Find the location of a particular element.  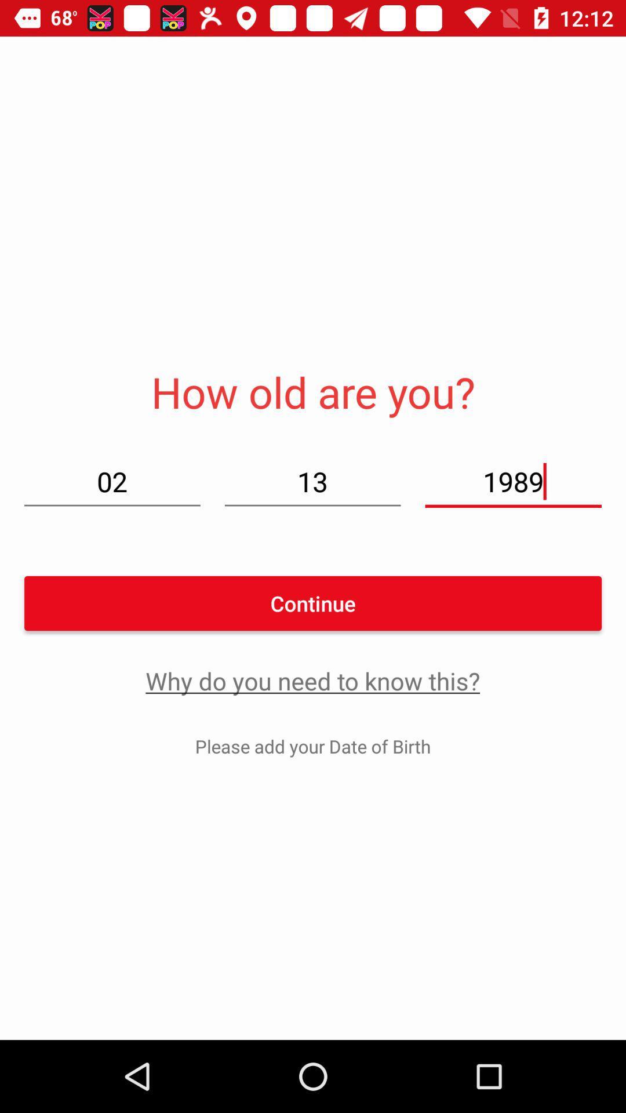

1989 on the right is located at coordinates (512, 481).